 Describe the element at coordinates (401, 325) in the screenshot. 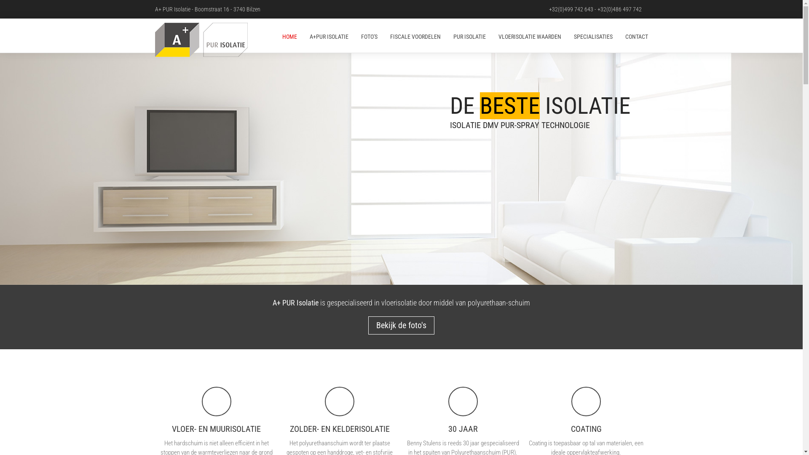

I see `'Bekijk de foto's'` at that location.